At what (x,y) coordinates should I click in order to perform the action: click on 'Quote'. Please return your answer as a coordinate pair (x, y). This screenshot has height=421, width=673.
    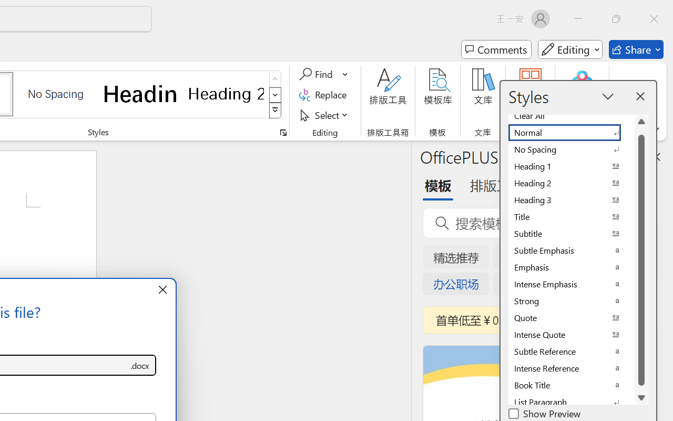
    Looking at the image, I should click on (570, 318).